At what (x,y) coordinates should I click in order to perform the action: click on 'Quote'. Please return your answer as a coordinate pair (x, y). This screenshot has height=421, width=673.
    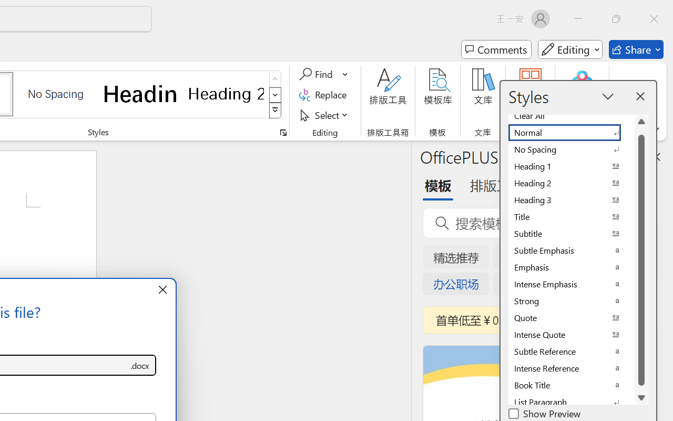
    Looking at the image, I should click on (570, 318).